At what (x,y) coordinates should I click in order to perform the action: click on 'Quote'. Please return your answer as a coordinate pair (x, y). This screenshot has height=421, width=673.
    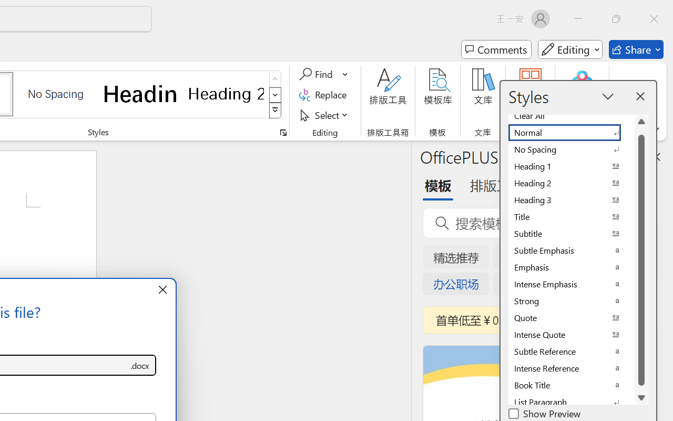
    Looking at the image, I should click on (570, 318).